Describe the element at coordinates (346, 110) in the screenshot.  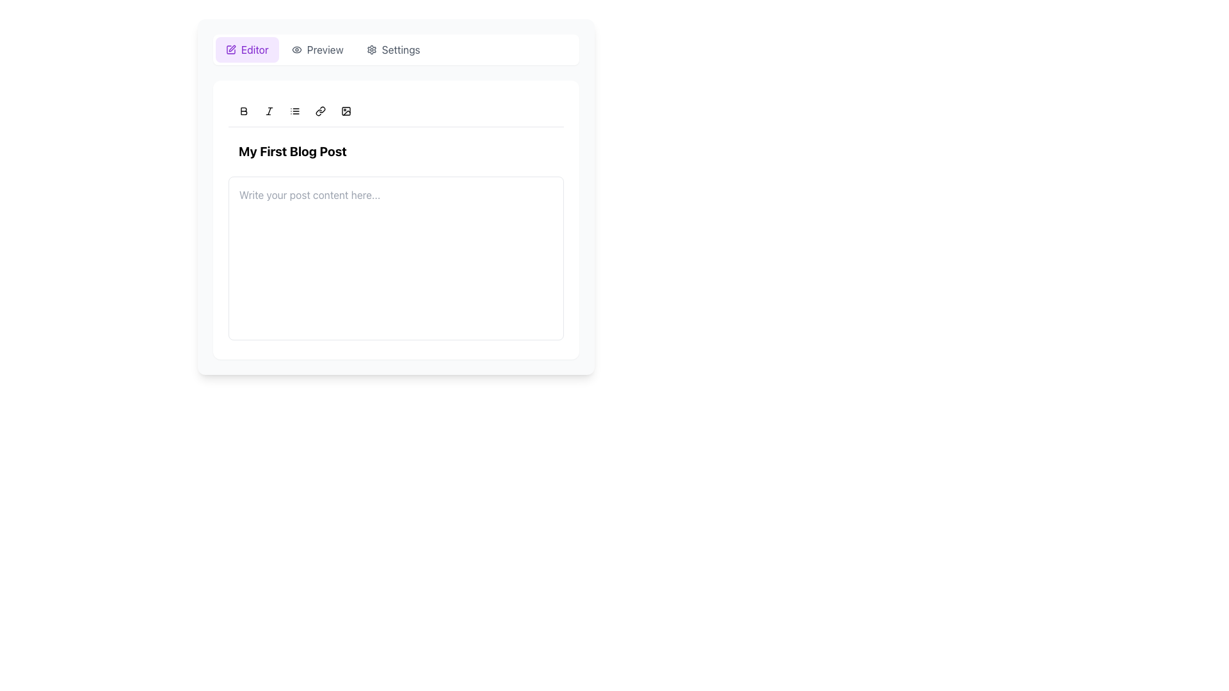
I see `the icon button represented by a sketched image outline with a rectangular border and inset circle, located in the toolbar above the text input area, specifically the third icon from the left` at that location.